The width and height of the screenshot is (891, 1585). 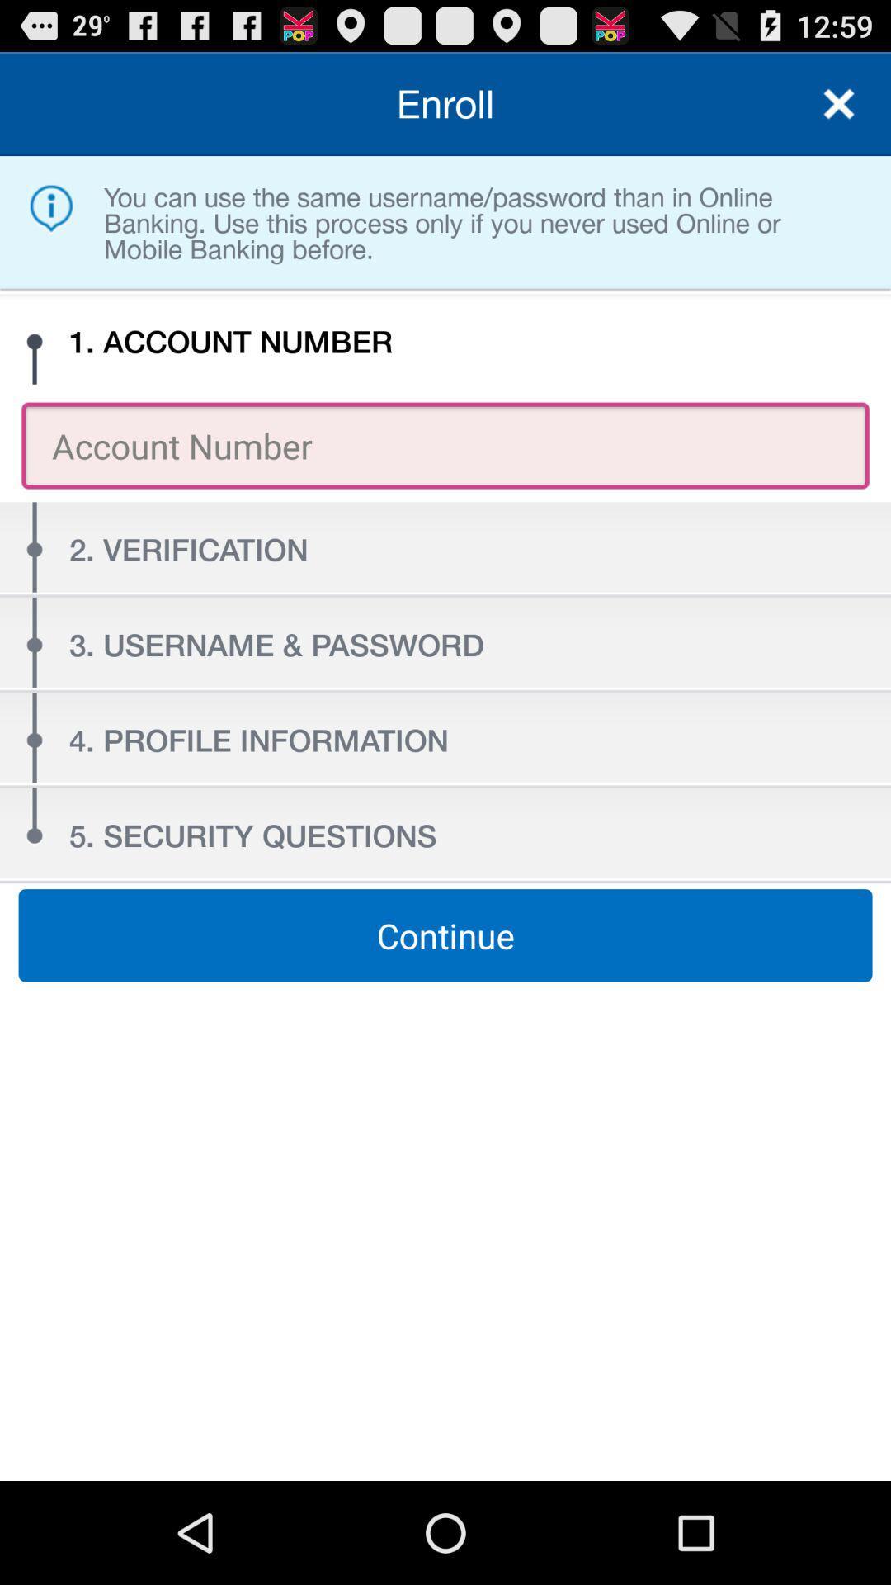 What do you see at coordinates (445, 102) in the screenshot?
I see `the enroll item` at bounding box center [445, 102].